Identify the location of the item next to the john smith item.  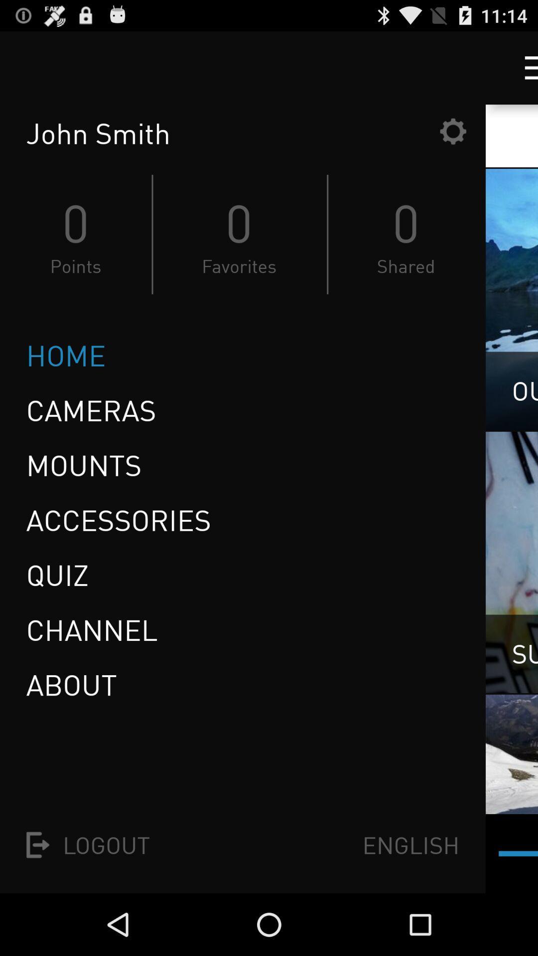
(453, 130).